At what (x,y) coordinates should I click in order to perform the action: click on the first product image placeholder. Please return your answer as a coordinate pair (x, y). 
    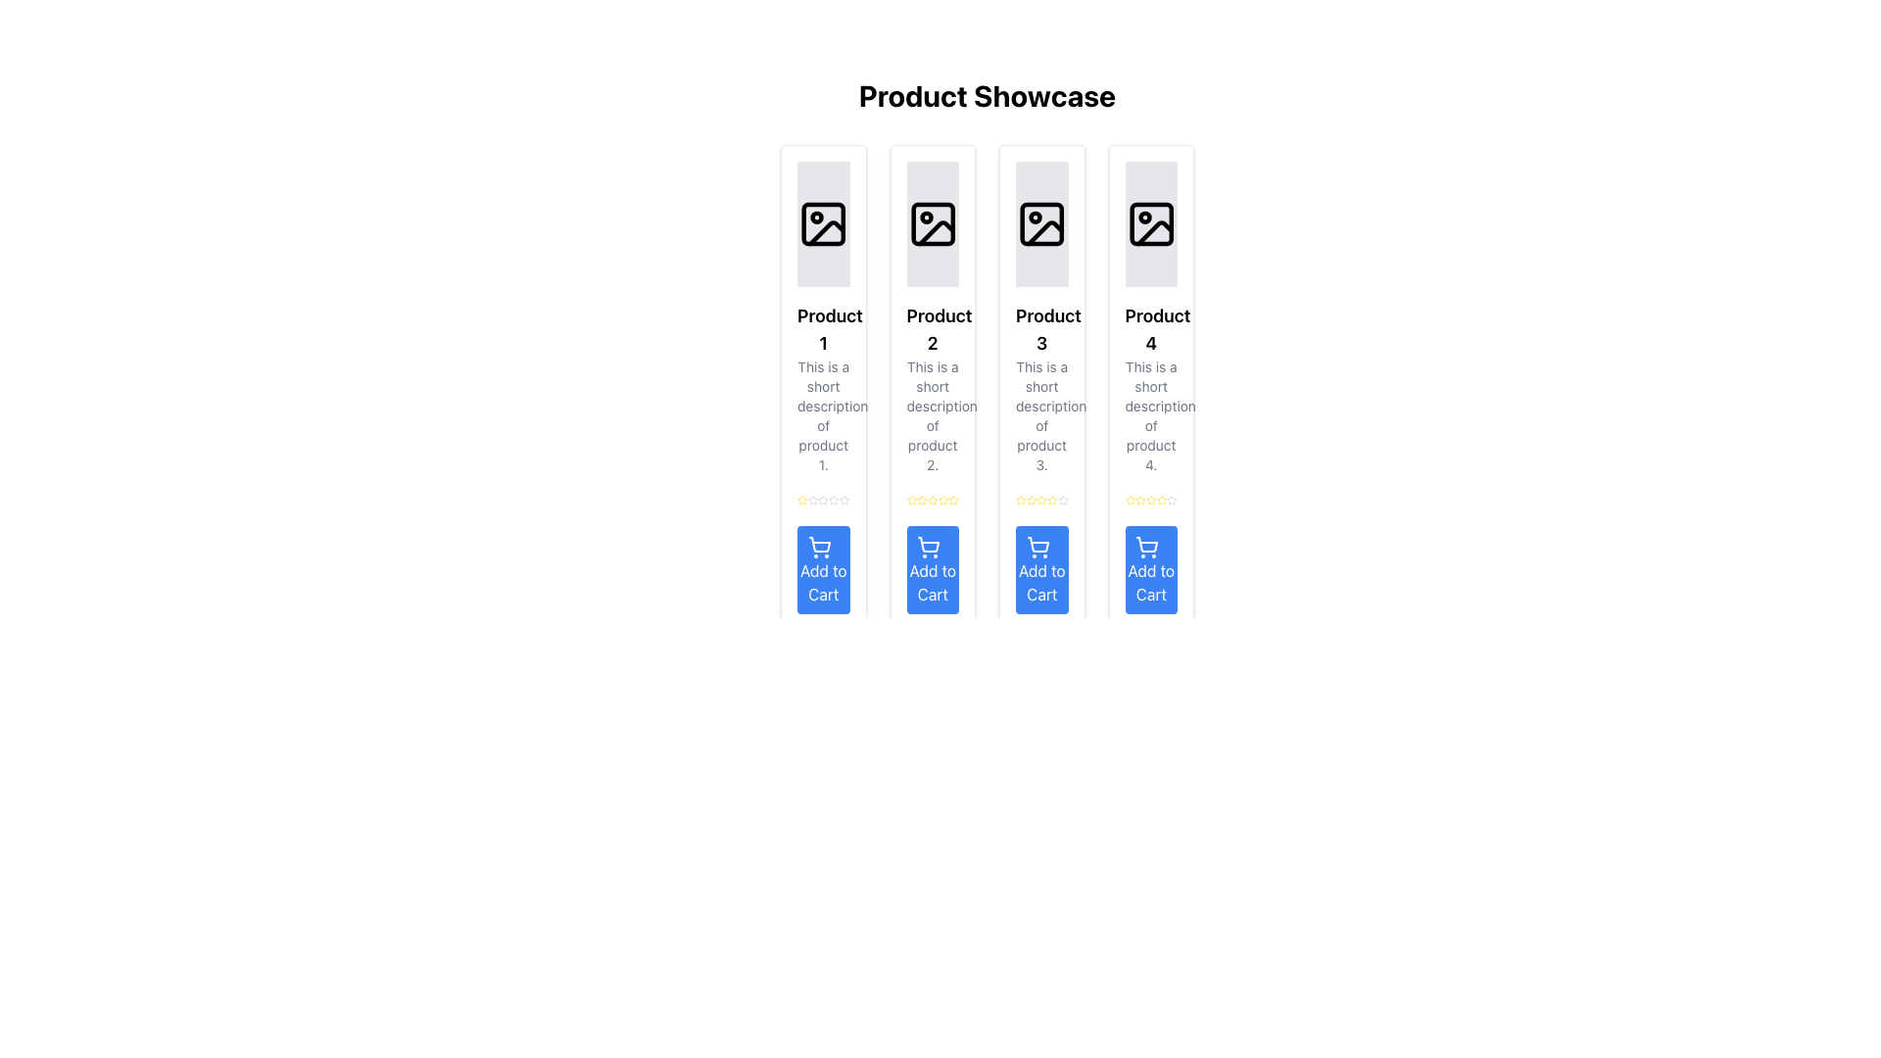
    Looking at the image, I should click on (823, 222).